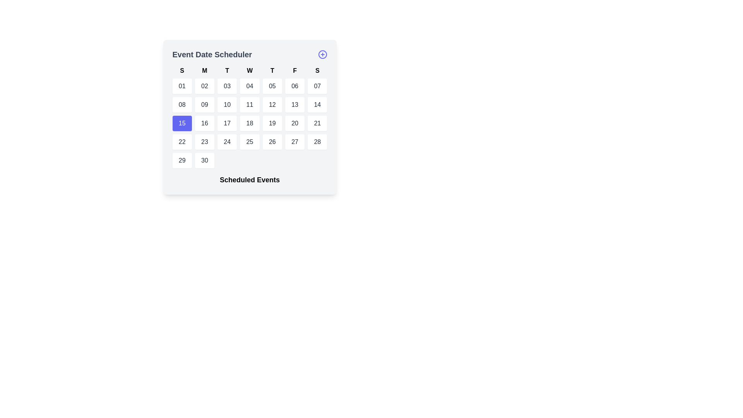  Describe the element at coordinates (212, 54) in the screenshot. I see `the text label reading 'Event Date Scheduler', which is styled with a bold, large font and grayish text color, located at the upper-left corner of the calendar interface component` at that location.